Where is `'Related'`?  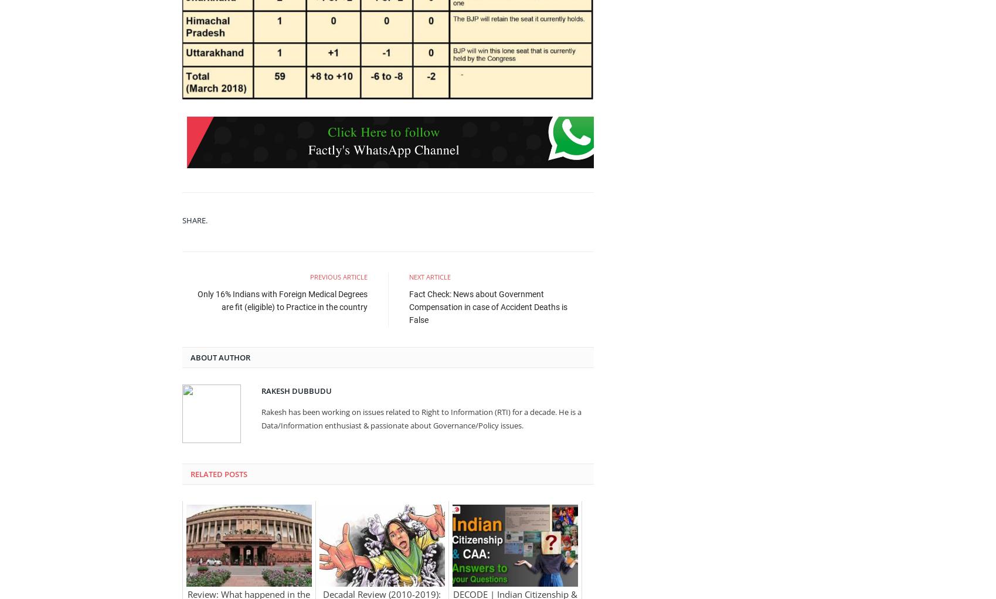 'Related' is located at coordinates (205, 474).